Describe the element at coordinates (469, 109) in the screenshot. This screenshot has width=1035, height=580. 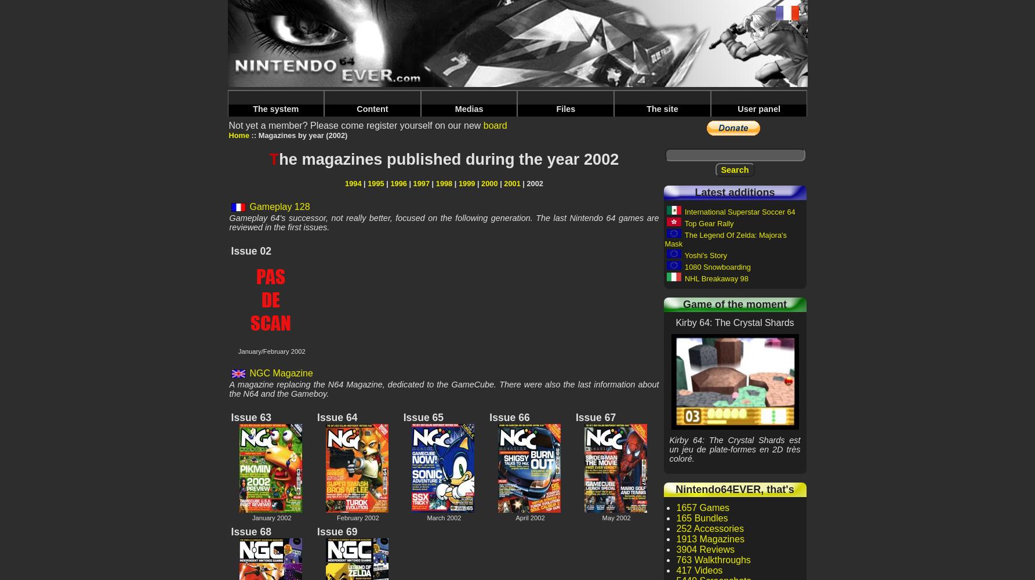
I see `'Medias'` at that location.